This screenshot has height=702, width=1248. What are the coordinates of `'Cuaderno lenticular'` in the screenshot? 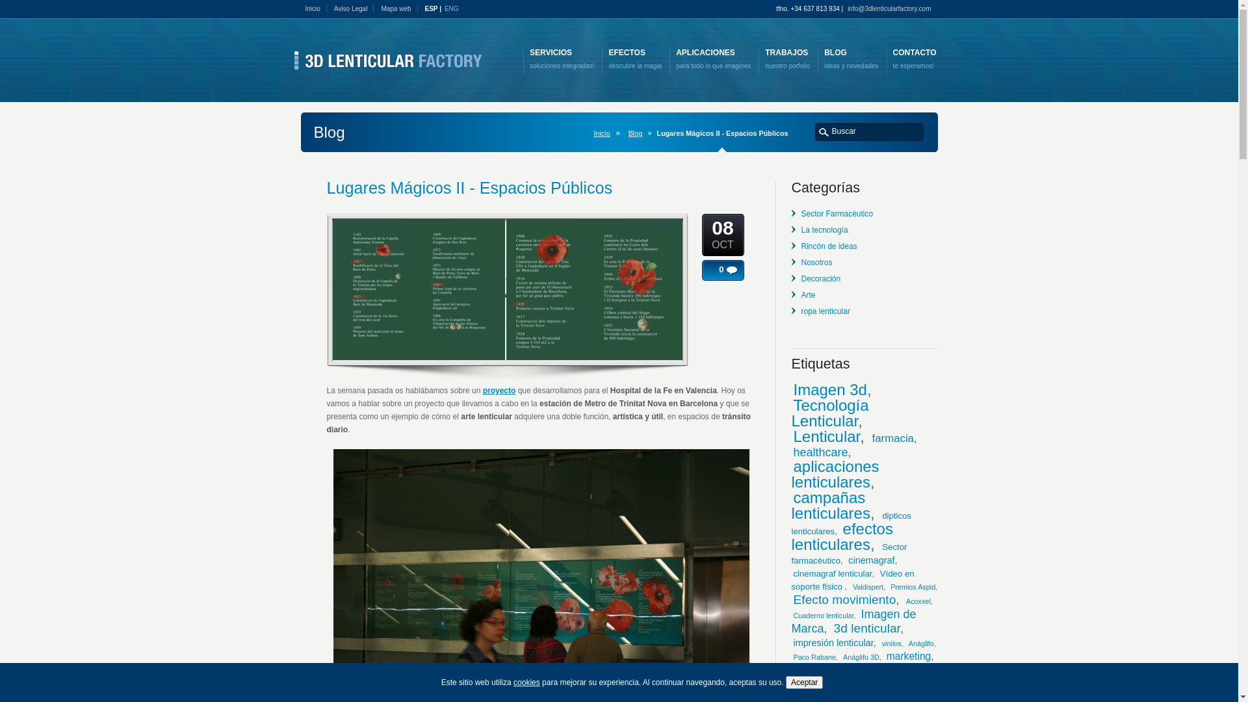 It's located at (822, 615).